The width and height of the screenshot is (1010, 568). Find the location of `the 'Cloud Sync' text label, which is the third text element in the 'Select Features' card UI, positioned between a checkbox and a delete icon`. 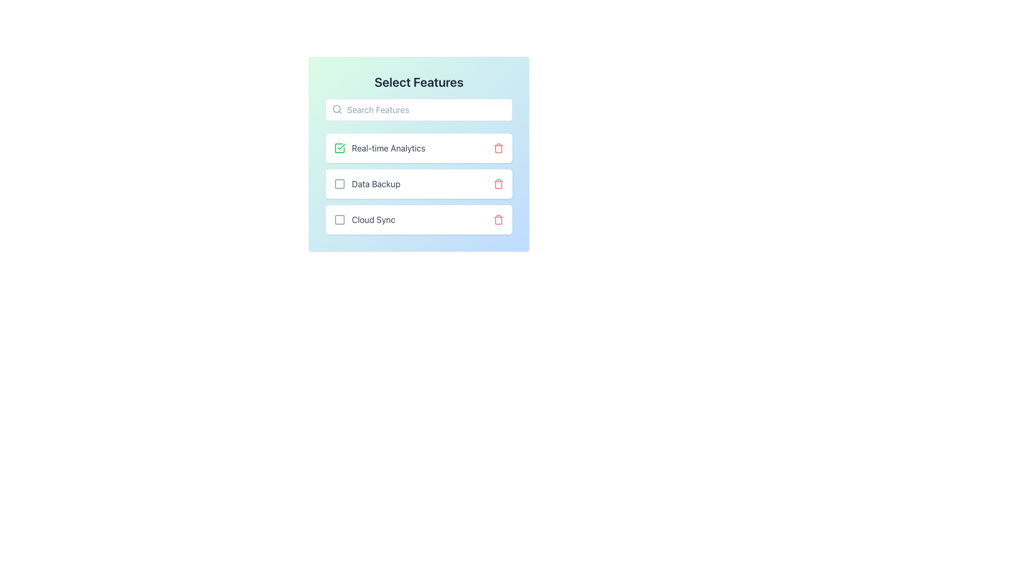

the 'Cloud Sync' text label, which is the third text element in the 'Select Features' card UI, positioned between a checkbox and a delete icon is located at coordinates (373, 219).